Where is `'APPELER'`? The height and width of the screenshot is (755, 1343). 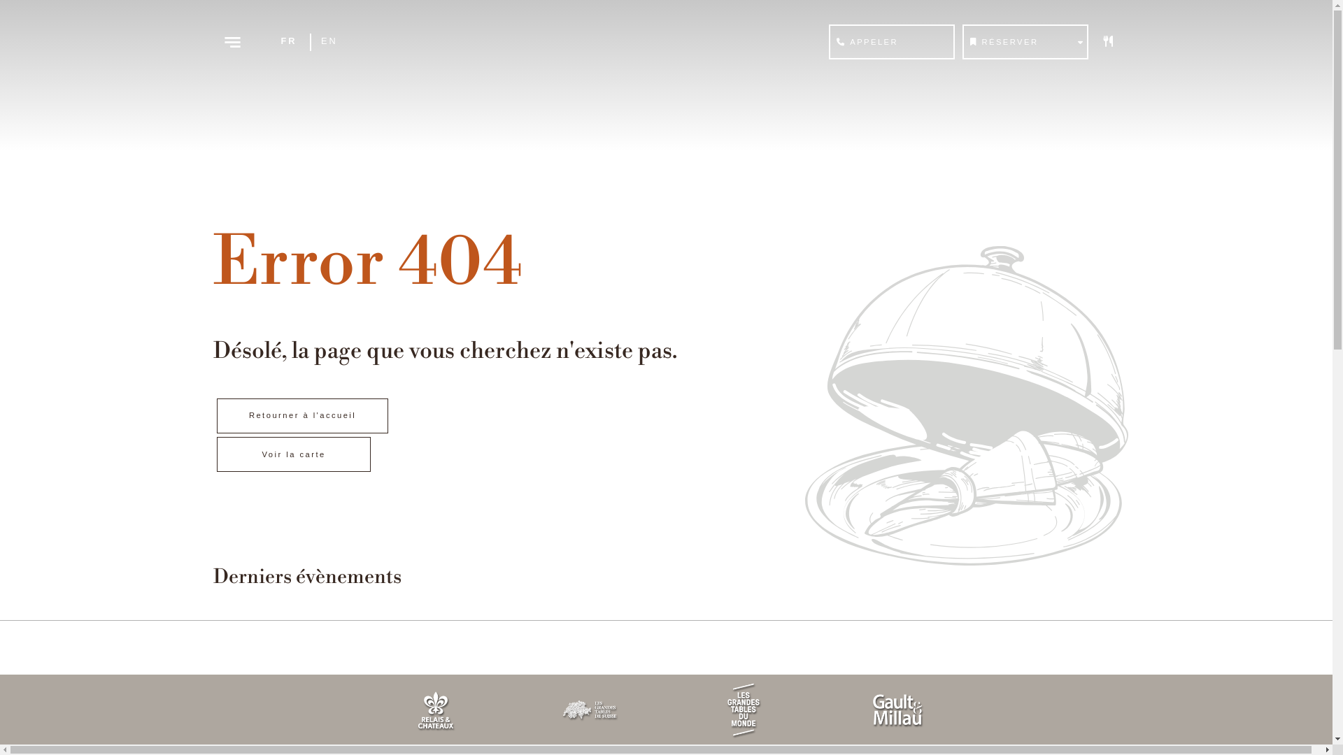 'APPELER' is located at coordinates (891, 41).